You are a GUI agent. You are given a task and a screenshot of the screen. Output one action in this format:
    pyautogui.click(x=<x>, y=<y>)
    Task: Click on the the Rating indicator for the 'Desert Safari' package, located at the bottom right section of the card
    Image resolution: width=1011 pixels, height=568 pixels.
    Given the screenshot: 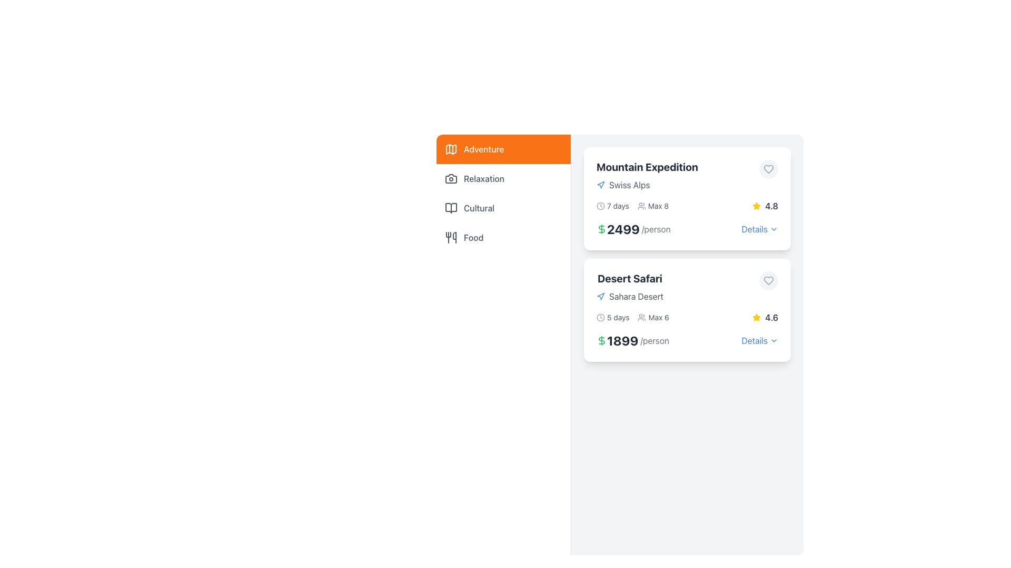 What is the action you would take?
    pyautogui.click(x=765, y=317)
    